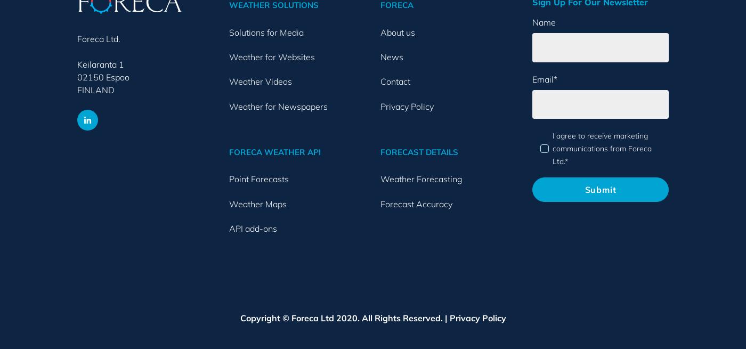 Image resolution: width=746 pixels, height=349 pixels. I want to click on 'Foreca Weather API', so click(228, 151).